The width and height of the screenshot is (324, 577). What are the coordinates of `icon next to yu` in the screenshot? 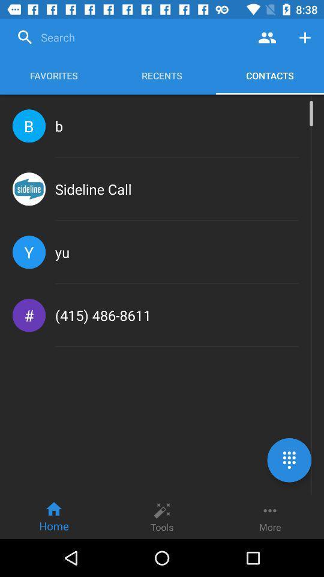 It's located at (29, 251).